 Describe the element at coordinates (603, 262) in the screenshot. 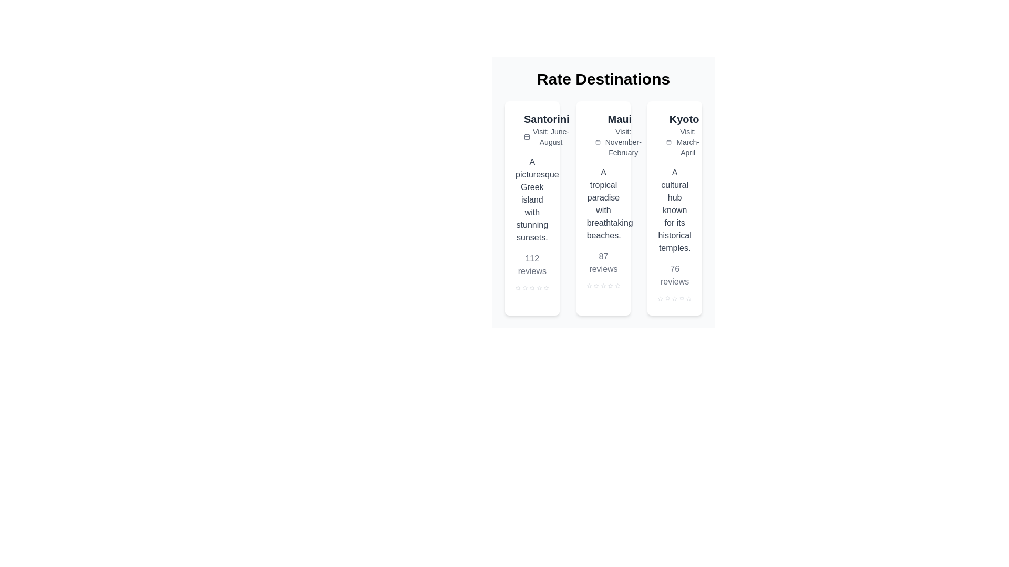

I see `the label displaying '87 reviews' which is located in the second card of the 'Rate Destinations' section, specifically under the description 'A tropical paradise with breathtaking beaches.' in the 'Maui' card` at that location.